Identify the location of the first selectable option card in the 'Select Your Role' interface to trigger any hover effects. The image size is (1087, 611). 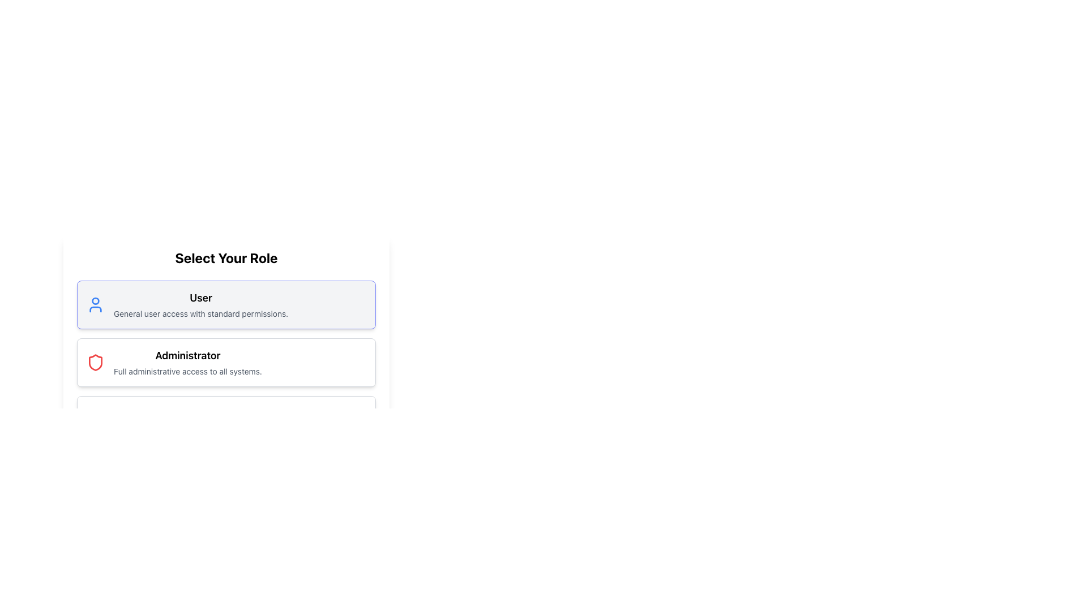
(226, 304).